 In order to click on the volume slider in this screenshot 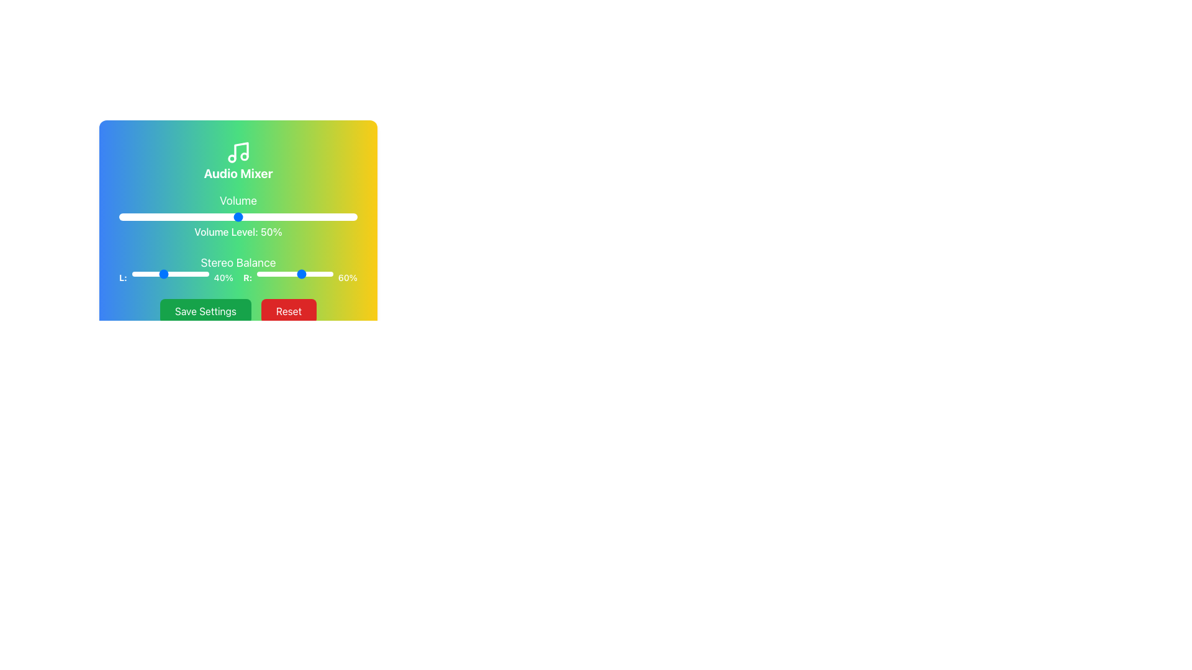, I will do `click(295, 217)`.